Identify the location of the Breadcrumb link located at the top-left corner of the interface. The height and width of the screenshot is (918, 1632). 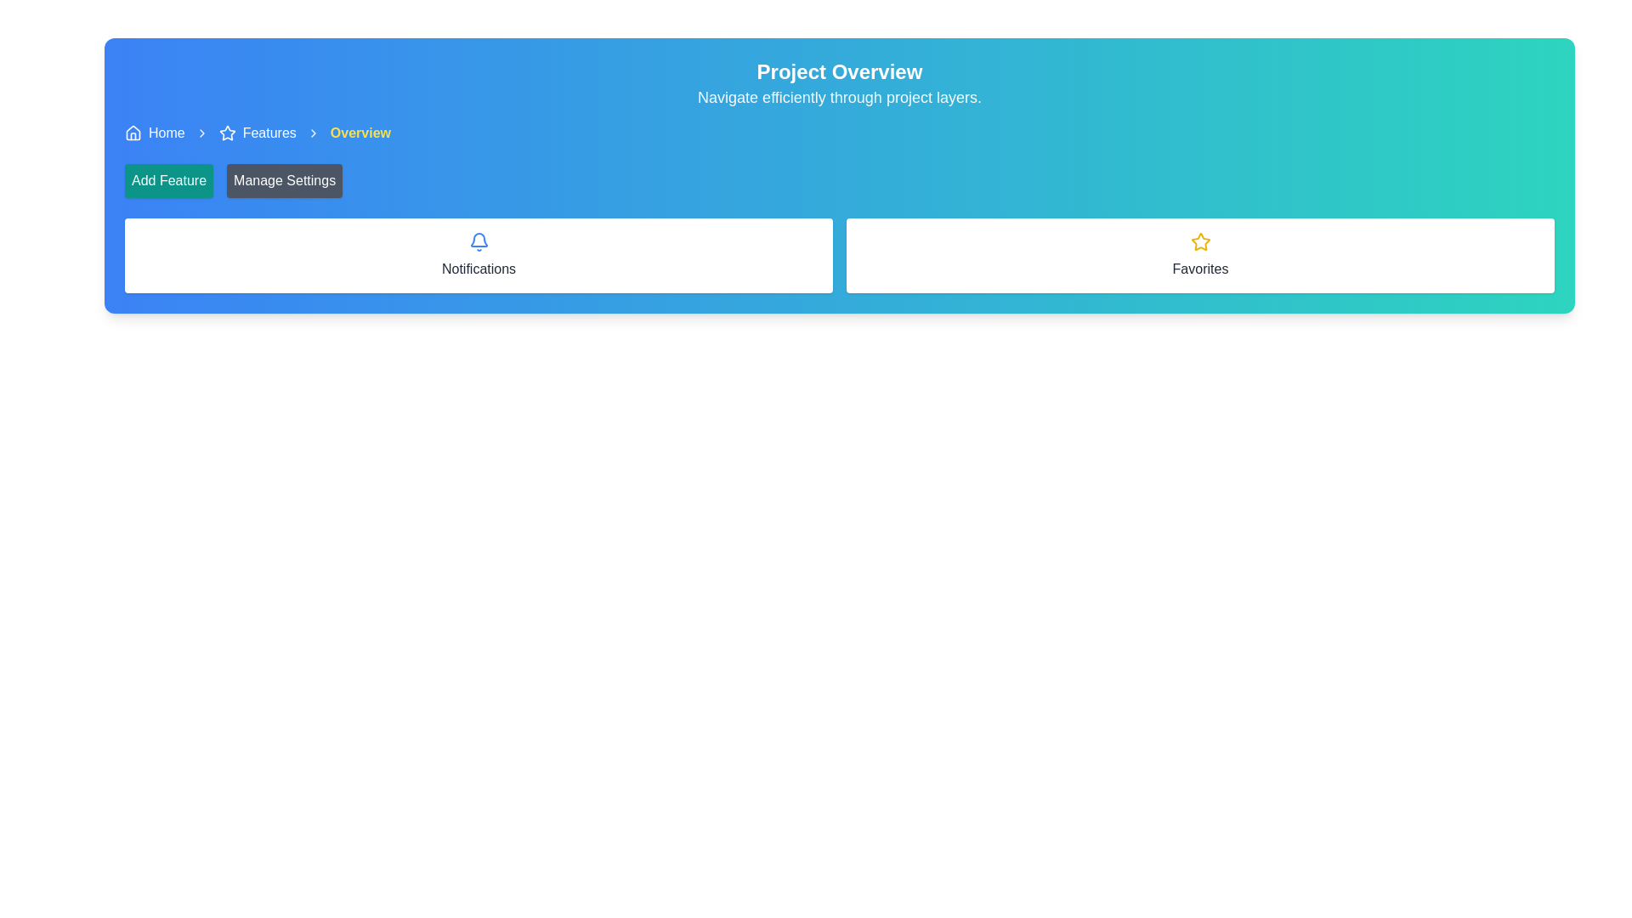
(155, 133).